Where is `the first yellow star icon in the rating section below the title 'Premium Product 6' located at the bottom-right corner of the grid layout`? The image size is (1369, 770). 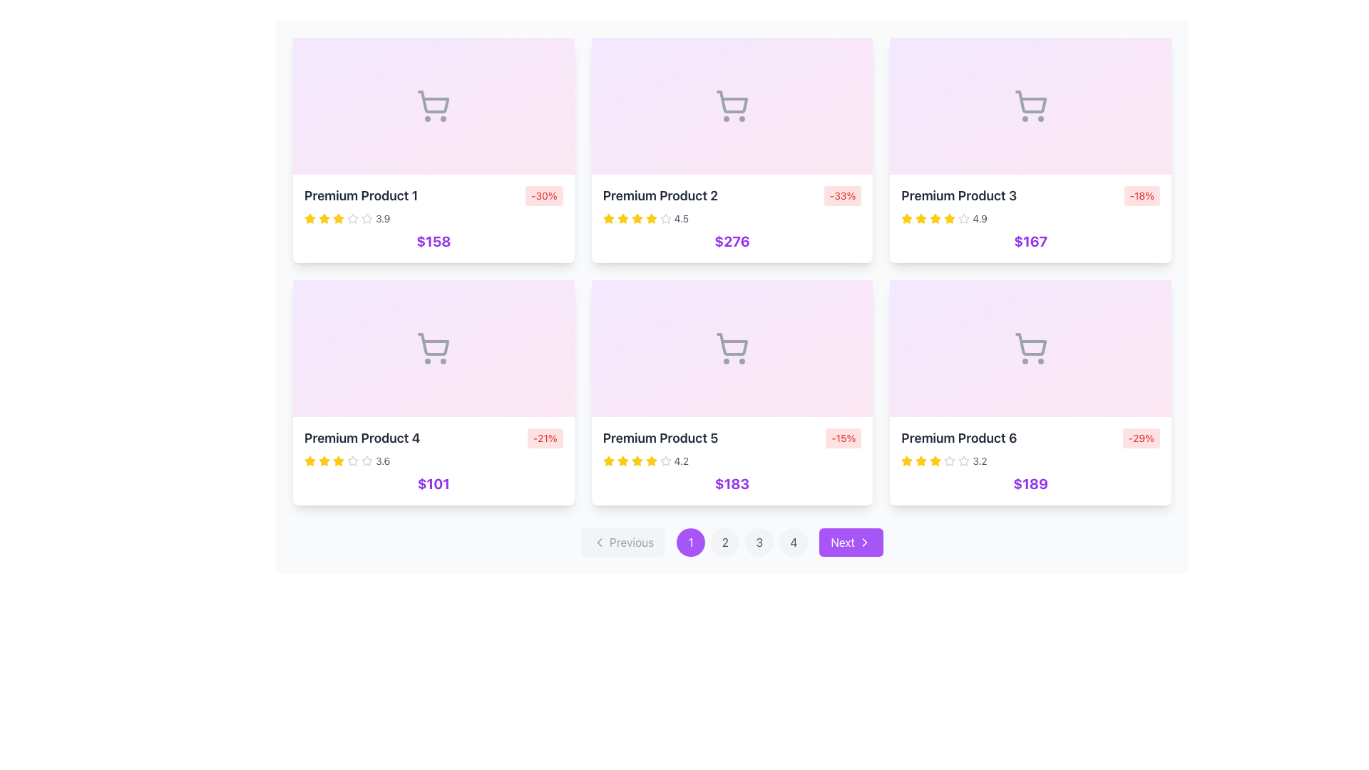
the first yellow star icon in the rating section below the title 'Premium Product 6' located at the bottom-right corner of the grid layout is located at coordinates (921, 461).